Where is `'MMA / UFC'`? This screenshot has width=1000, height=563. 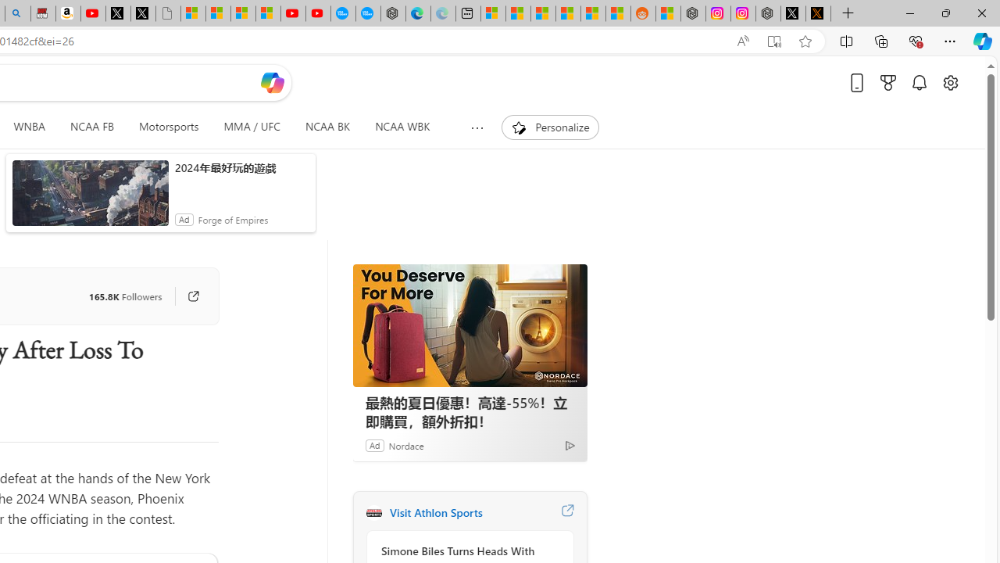
'MMA / UFC' is located at coordinates (251, 127).